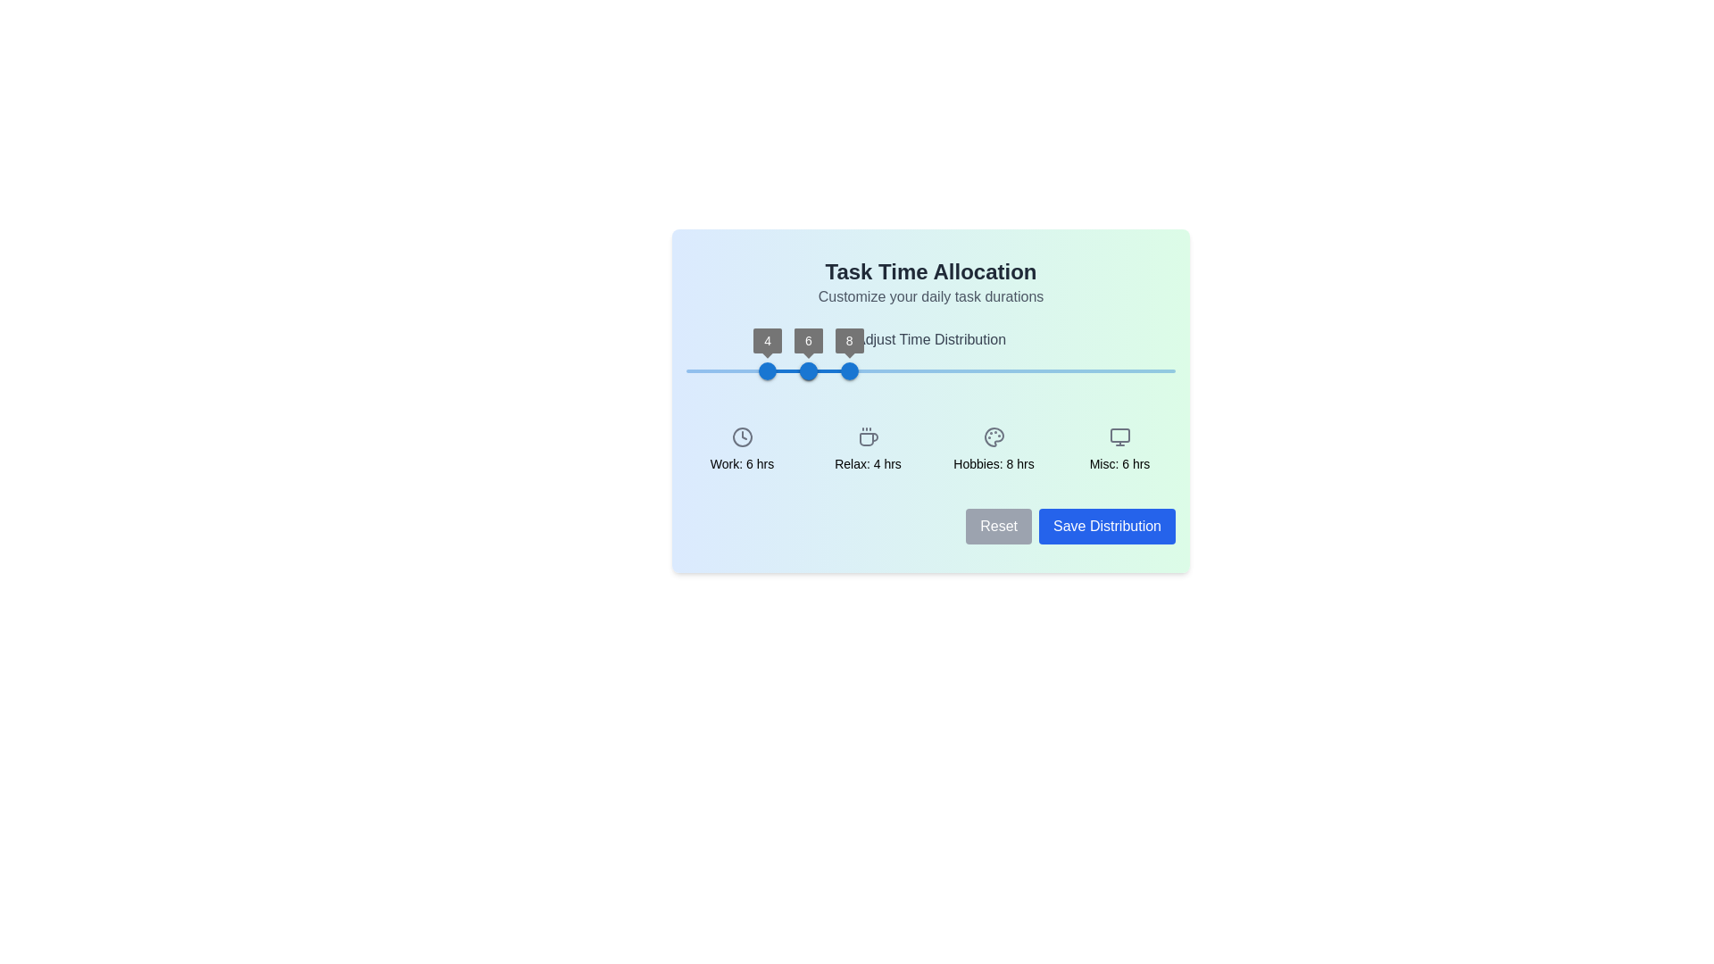 The width and height of the screenshot is (1714, 964). What do you see at coordinates (774, 370) in the screenshot?
I see `the slider` at bounding box center [774, 370].